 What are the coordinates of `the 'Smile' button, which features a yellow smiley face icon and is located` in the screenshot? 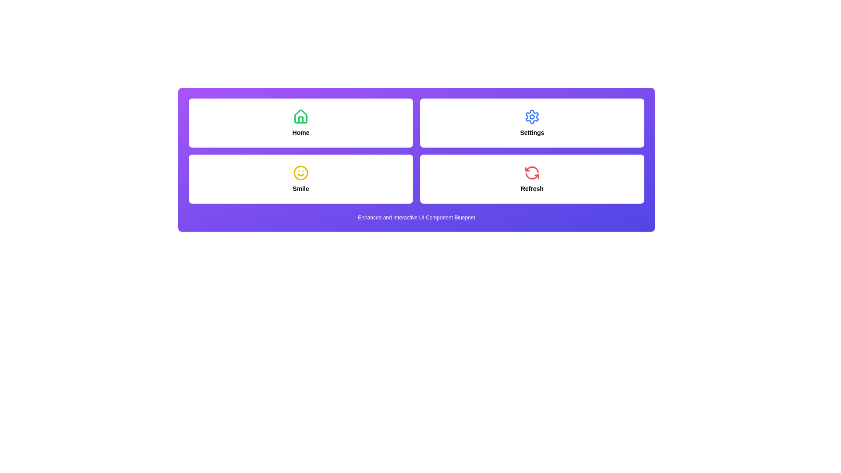 It's located at (300, 178).